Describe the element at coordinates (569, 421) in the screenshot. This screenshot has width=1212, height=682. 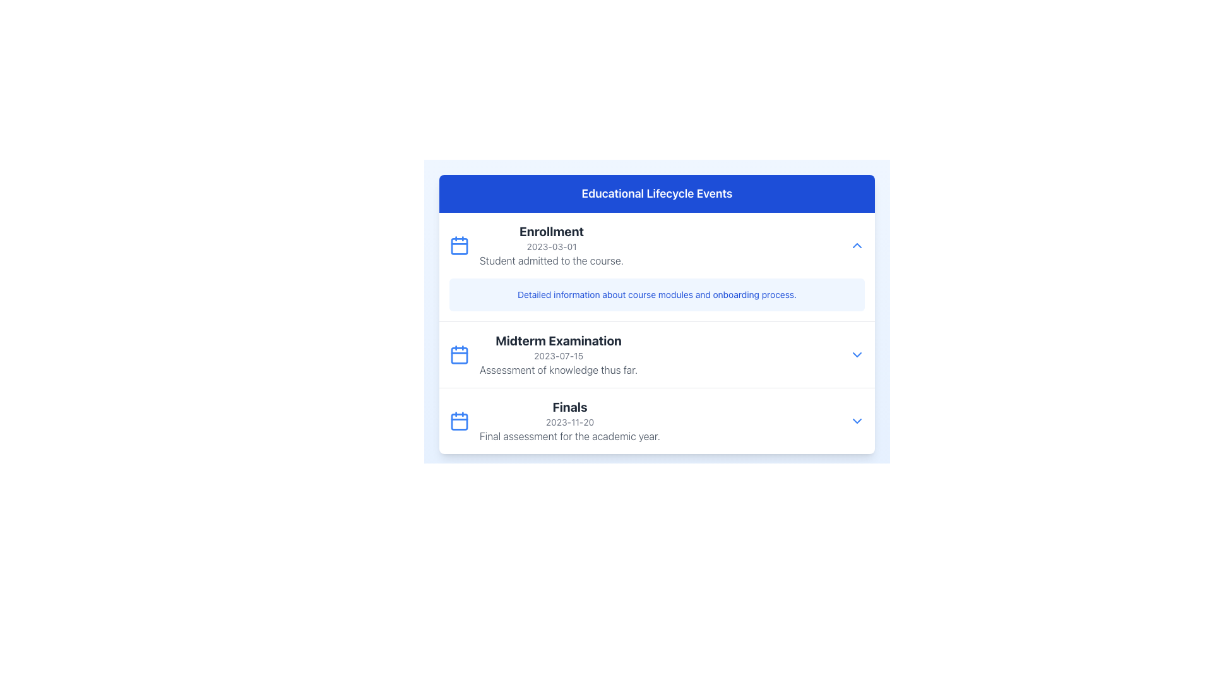
I see `text content of the 'Finals' event in the Educational Lifecycle Events section, which includes the title, date, and description` at that location.